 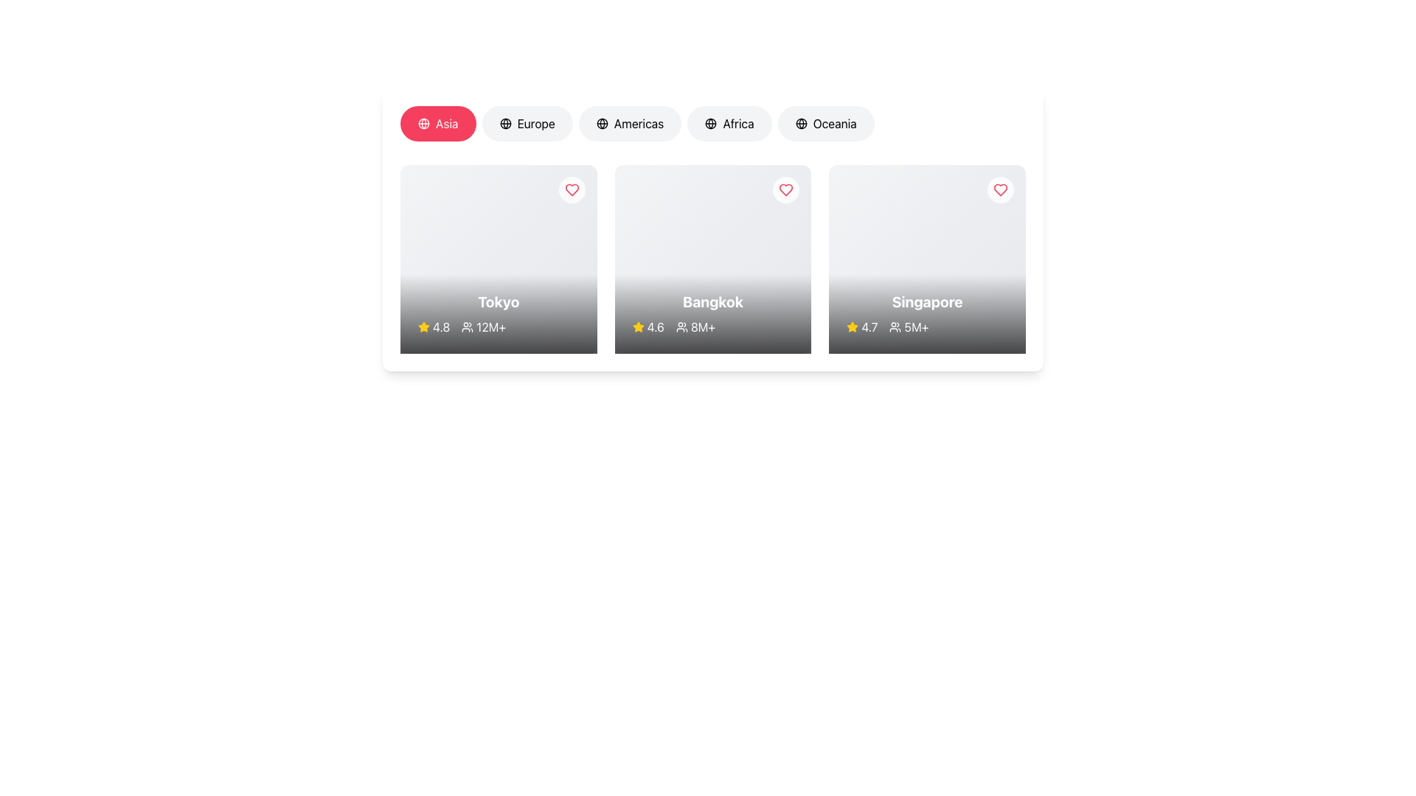 What do you see at coordinates (711, 123) in the screenshot?
I see `the small globe icon, which is the leftmost icon within the button labeled 'Africa' in the navigation bar, for its symbolic meaning` at bounding box center [711, 123].